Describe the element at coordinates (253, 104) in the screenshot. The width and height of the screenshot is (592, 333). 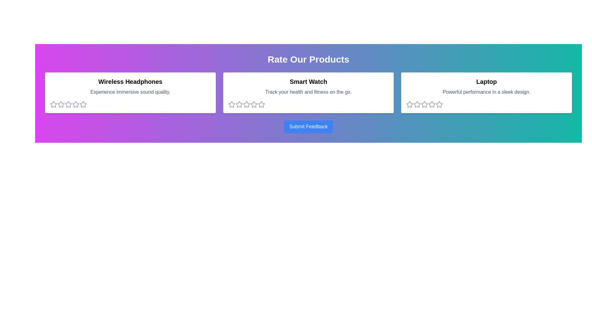
I see `the 4 star for the product Smart Watch to set its rating` at that location.